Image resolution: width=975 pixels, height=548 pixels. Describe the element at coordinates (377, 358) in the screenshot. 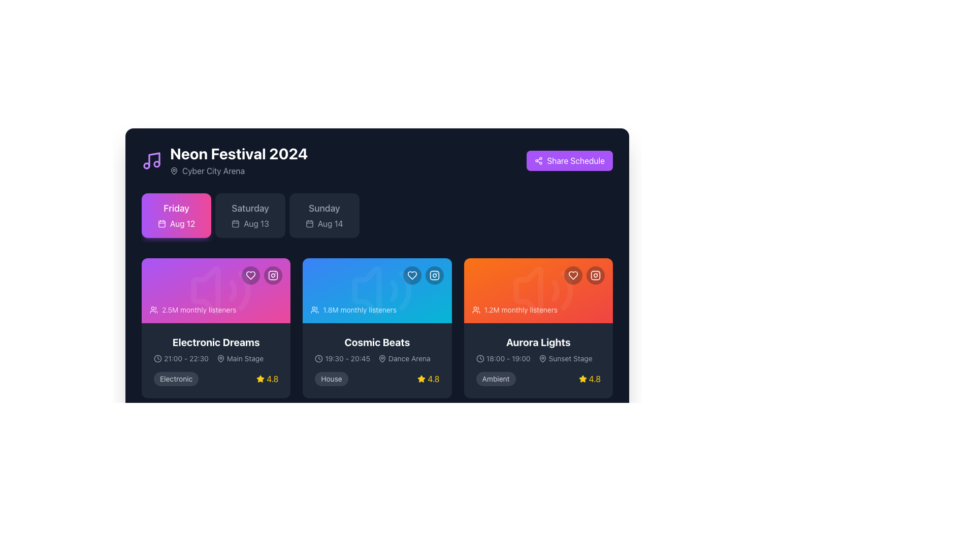

I see `the Text and icon group displaying the event's time duration '19:30 - 20:45' and location 'Dance Arena', located within the blue card labeled 'Cosmic Beats'` at that location.